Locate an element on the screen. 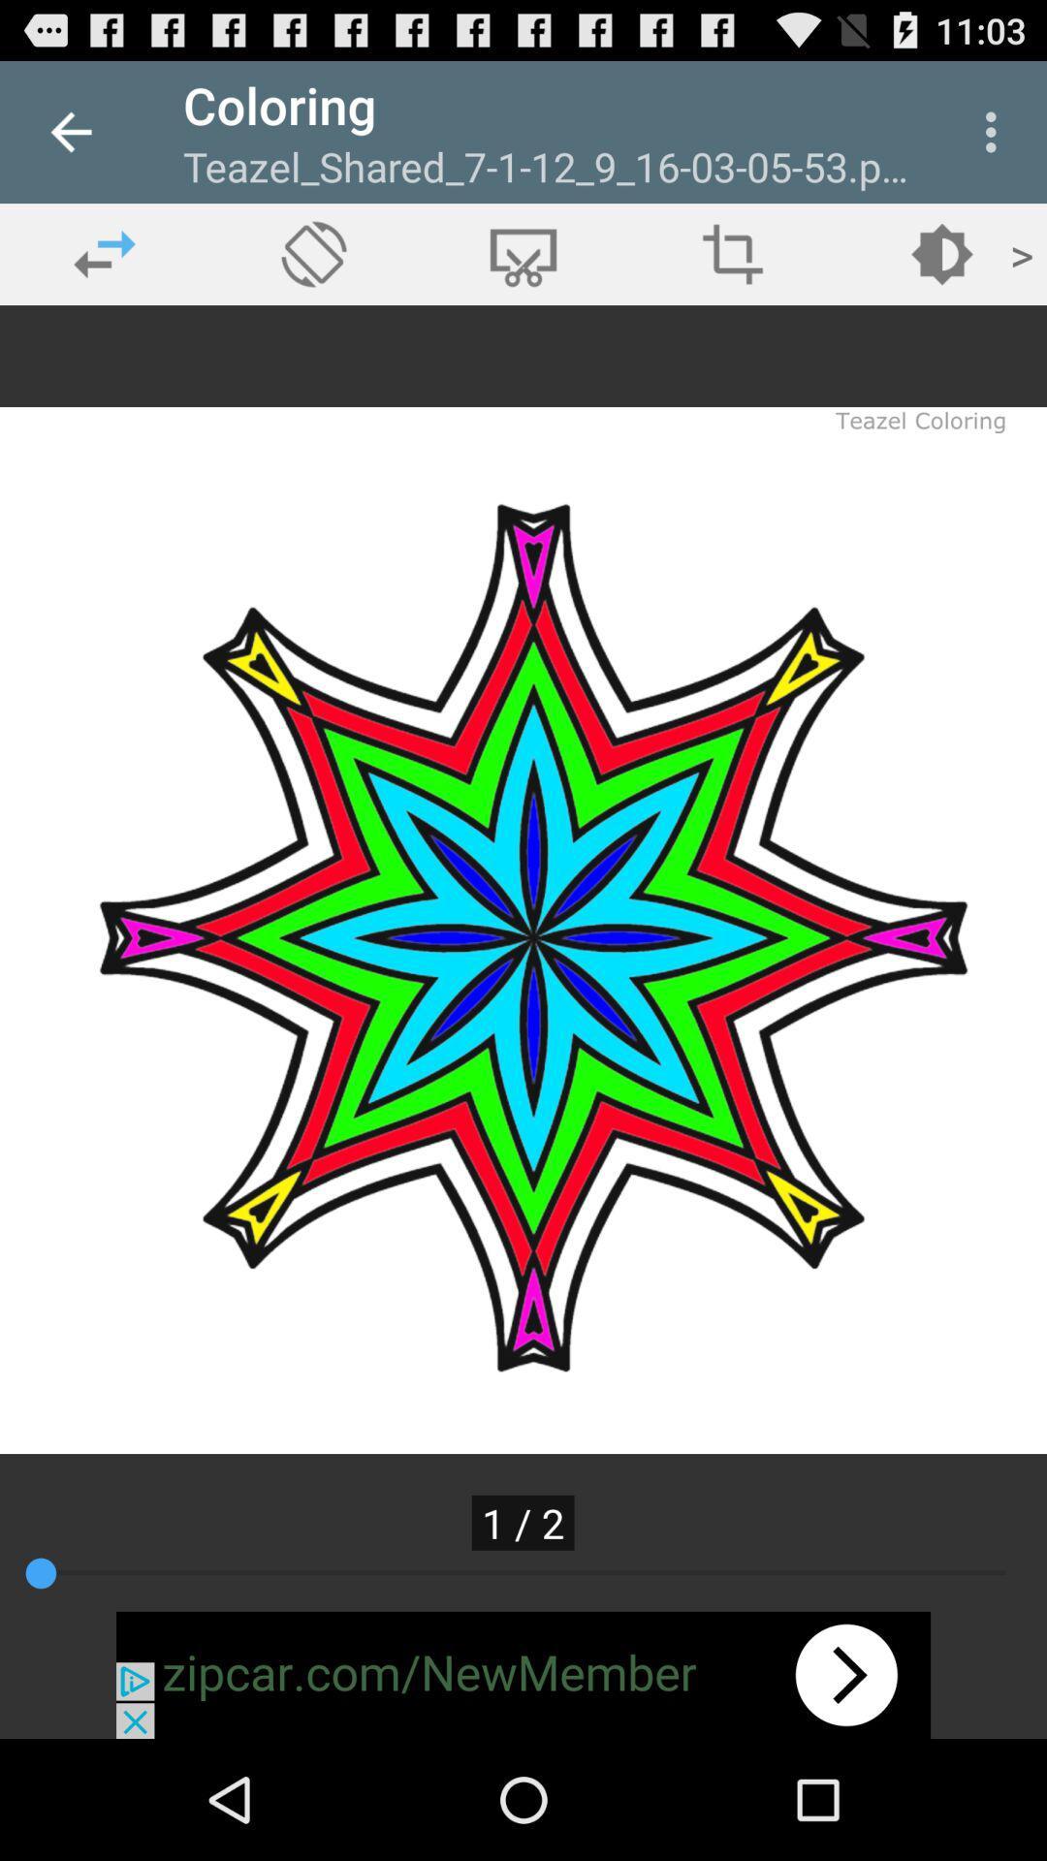  copy option is located at coordinates (523, 253).